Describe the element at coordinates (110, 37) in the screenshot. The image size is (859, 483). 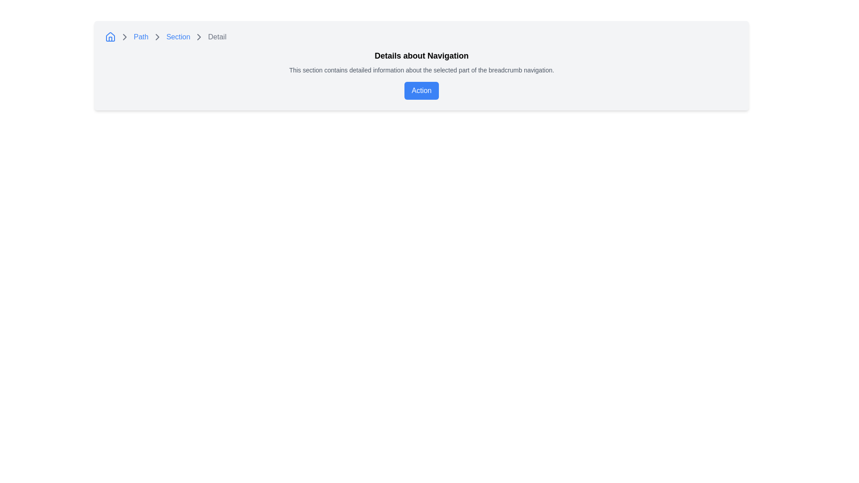
I see `the 'Home' SVG icon in the breadcrumb navigation bar` at that location.